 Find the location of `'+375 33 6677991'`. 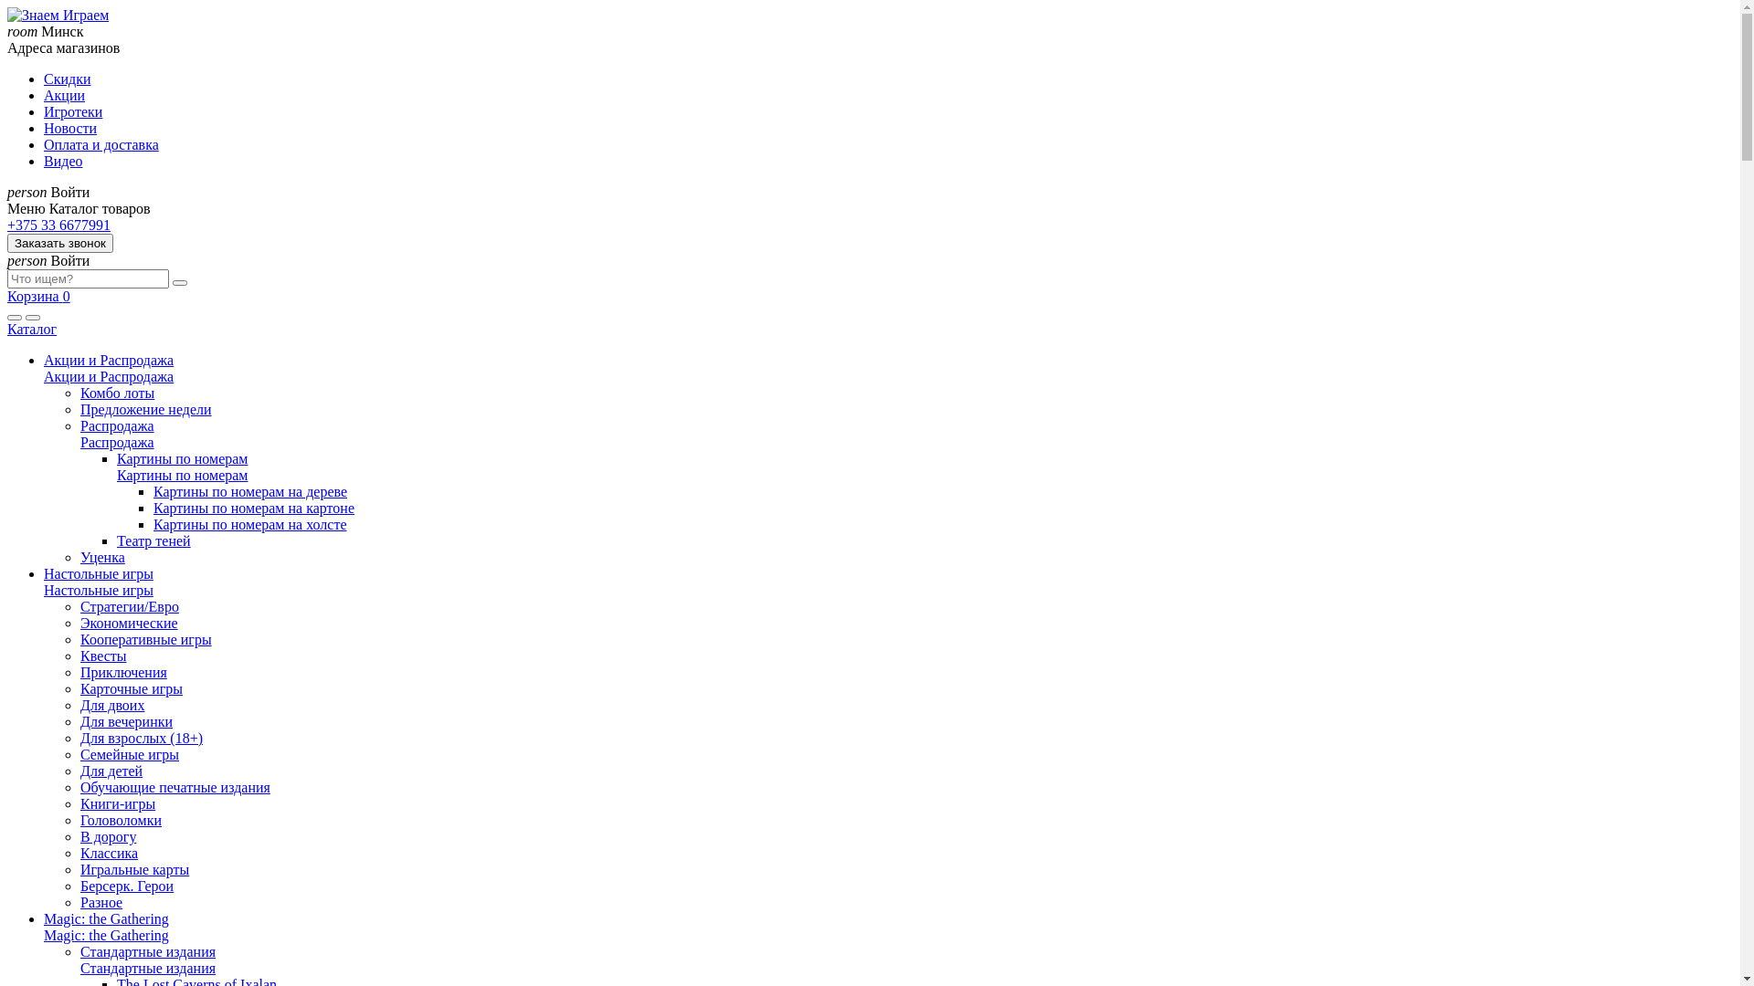

'+375 33 6677991' is located at coordinates (7, 224).